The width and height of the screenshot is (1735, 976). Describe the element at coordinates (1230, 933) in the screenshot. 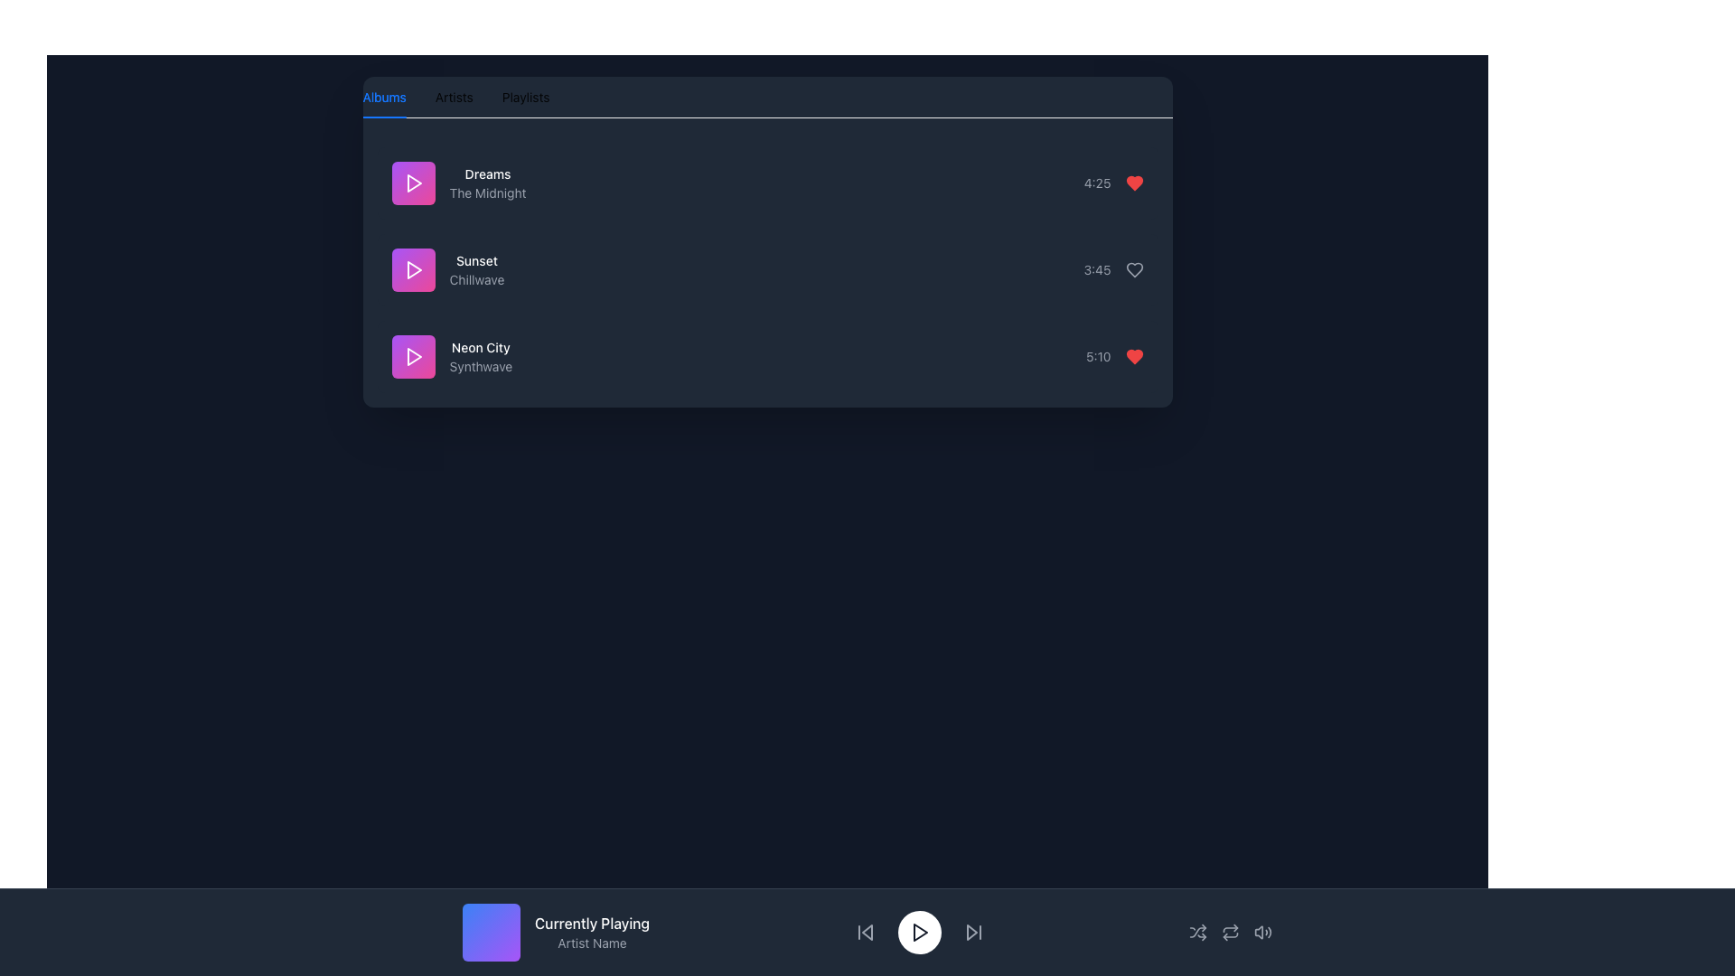

I see `the loop icon button in the bottom-right corner toolbar` at that location.